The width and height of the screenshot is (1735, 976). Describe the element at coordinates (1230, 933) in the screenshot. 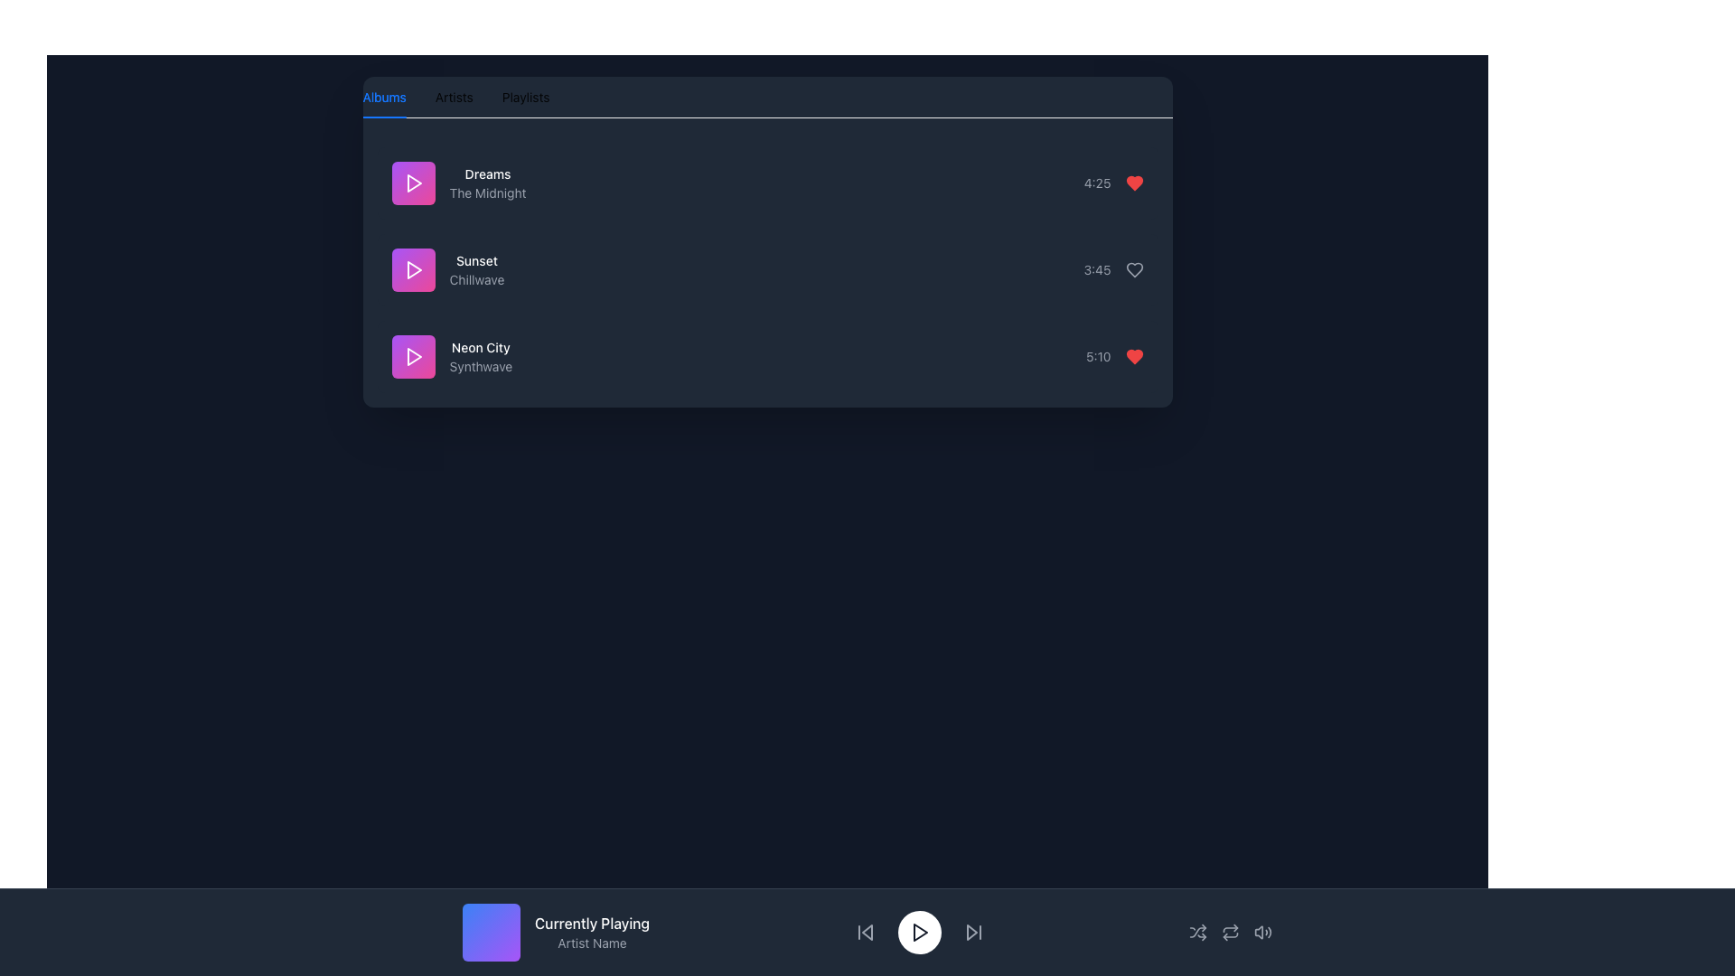

I see `the loop icon button in the bottom-right corner toolbar` at that location.